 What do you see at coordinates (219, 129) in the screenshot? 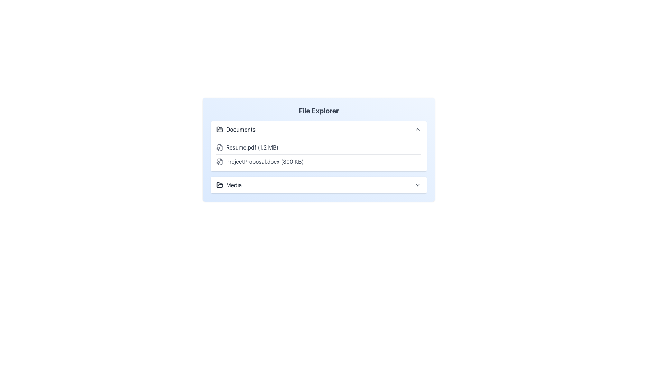
I see `the 'Documents' section icon, which visually identifies the section and is located to the left of the text label in the file explorer interface` at bounding box center [219, 129].